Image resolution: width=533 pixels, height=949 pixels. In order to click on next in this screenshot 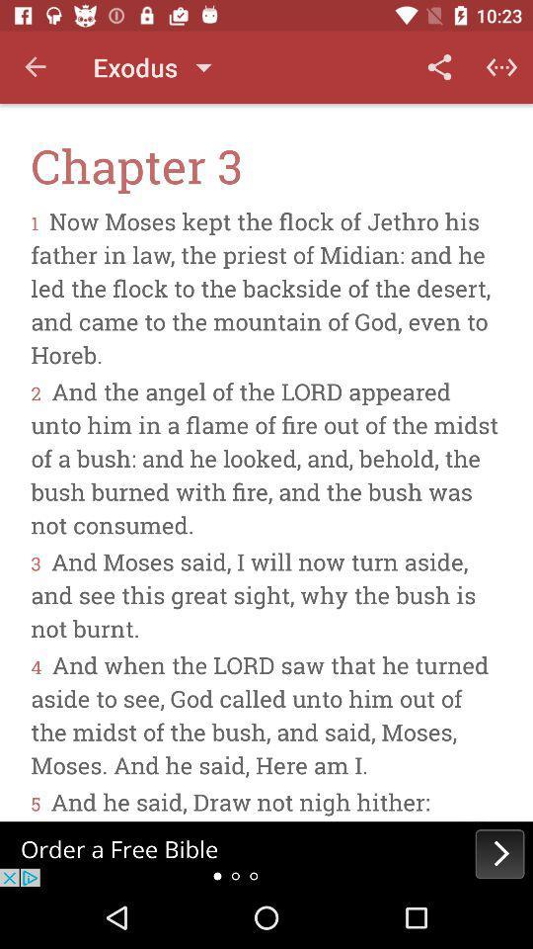, I will do `click(266, 853)`.